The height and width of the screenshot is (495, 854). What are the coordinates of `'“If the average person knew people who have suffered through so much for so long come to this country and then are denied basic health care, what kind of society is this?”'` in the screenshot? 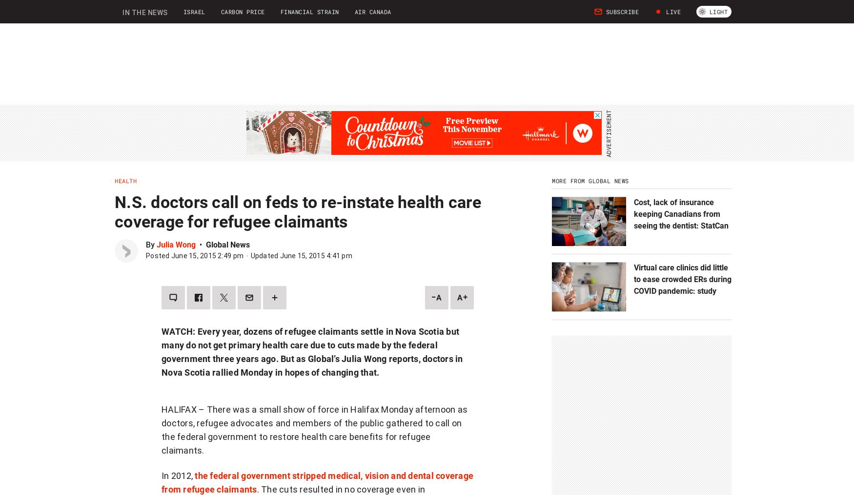 It's located at (317, 299).